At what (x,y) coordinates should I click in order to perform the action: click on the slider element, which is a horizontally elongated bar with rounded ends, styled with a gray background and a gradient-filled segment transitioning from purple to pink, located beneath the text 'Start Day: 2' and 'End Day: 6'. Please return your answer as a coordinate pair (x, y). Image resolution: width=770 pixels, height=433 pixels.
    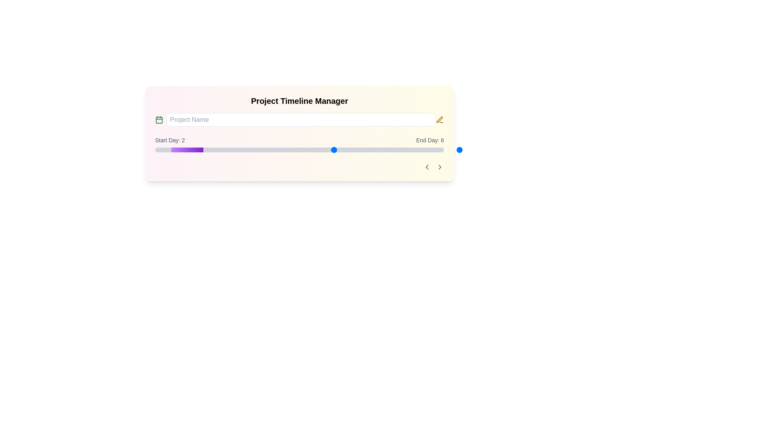
    Looking at the image, I should click on (299, 150).